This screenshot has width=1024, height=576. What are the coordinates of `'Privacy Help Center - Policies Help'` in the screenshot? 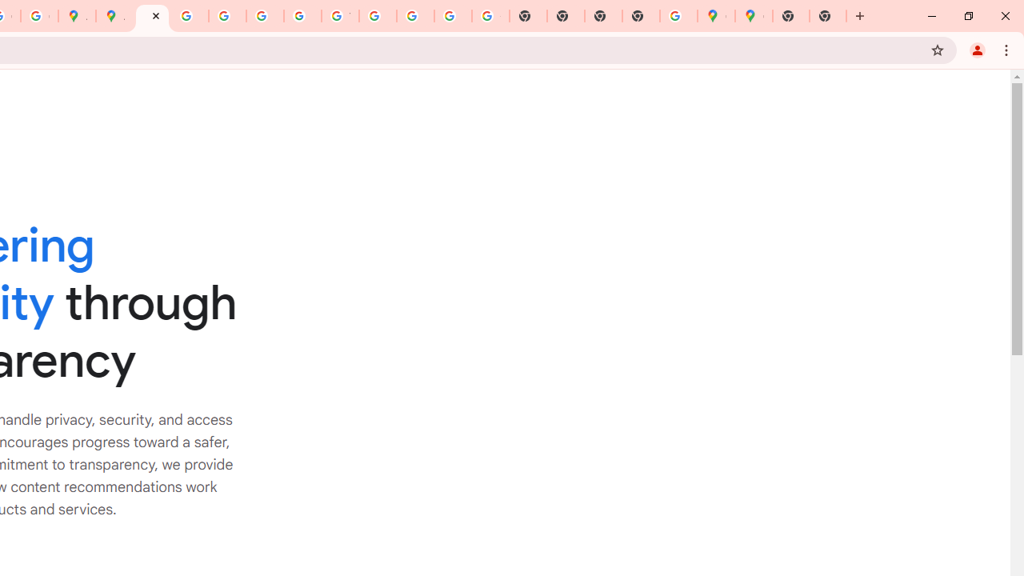 It's located at (190, 16).